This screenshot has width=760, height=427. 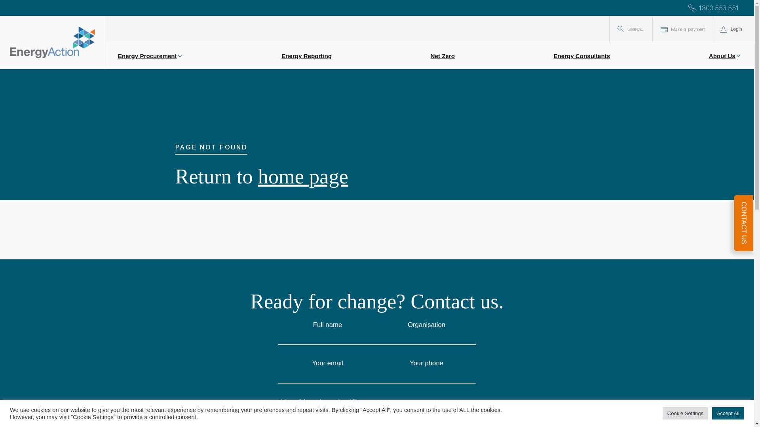 I want to click on 'Energy Consultants', so click(x=581, y=55).